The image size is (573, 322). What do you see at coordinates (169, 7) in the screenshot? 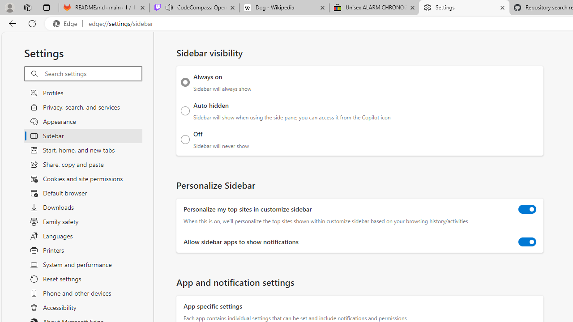
I see `'Mute tab'` at bounding box center [169, 7].